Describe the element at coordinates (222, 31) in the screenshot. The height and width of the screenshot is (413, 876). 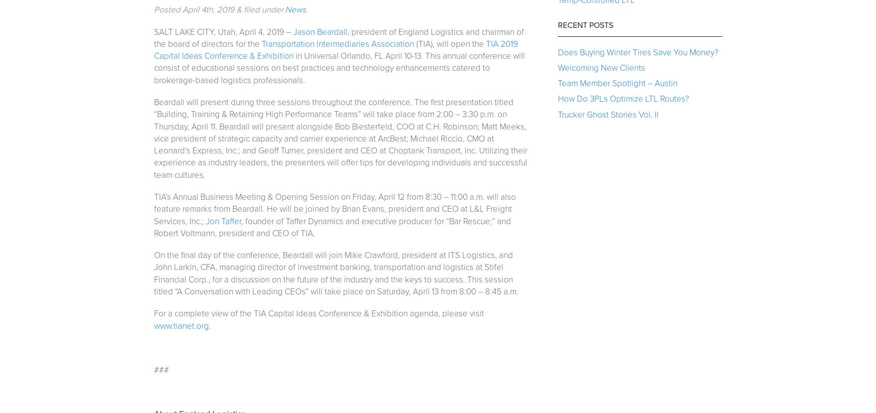
I see `'SALT LAKE CITY, Utah, April 4, 2019 –'` at that location.